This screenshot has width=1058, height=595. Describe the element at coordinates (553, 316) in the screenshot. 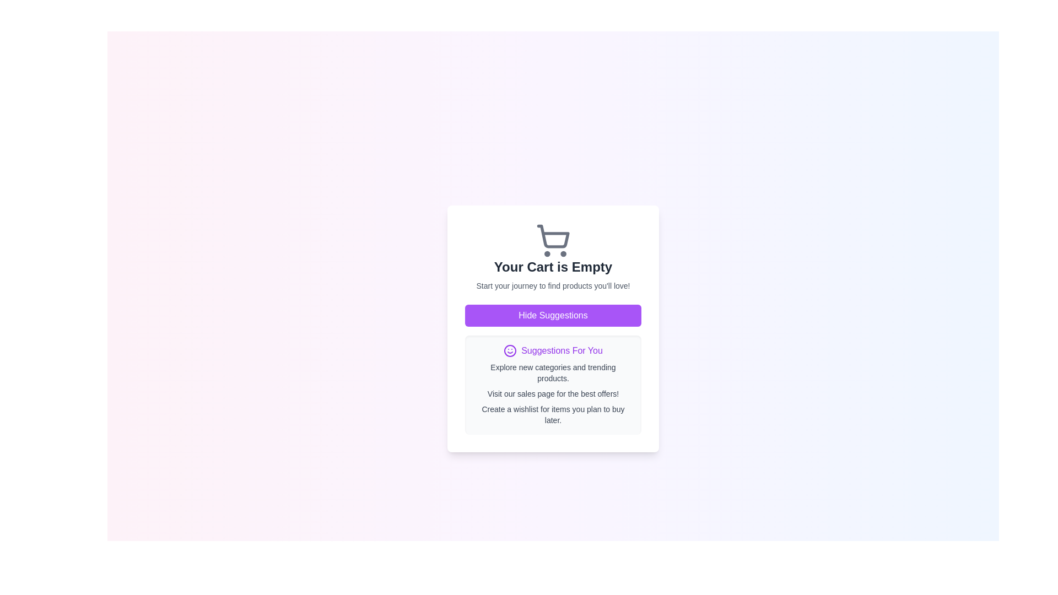

I see `the button located below the text 'Start your journey to find products you'll love!' to hide the suggestions section displayed below it` at that location.